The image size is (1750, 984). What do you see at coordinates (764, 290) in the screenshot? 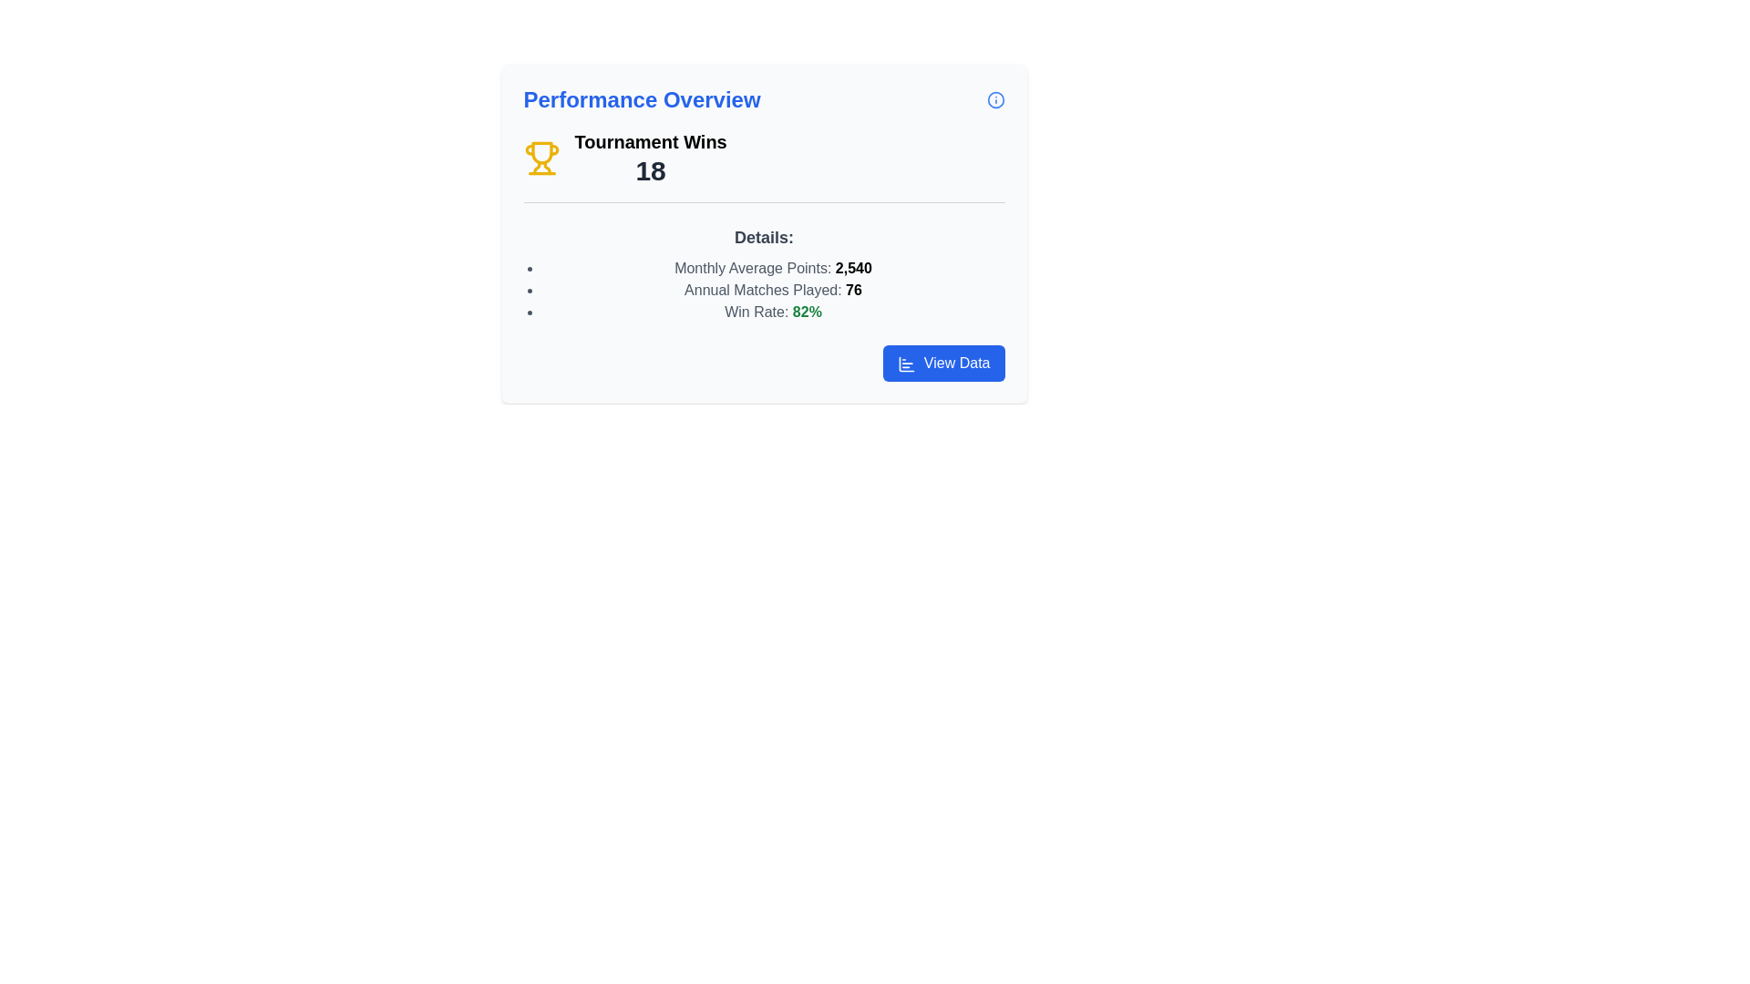
I see `text content from the list displaying 'Monthly Average Points: 2,540', 'Annual Matches Played: 76', and 'Win Rate: 82%' located beneath the 'Details:' heading` at bounding box center [764, 290].